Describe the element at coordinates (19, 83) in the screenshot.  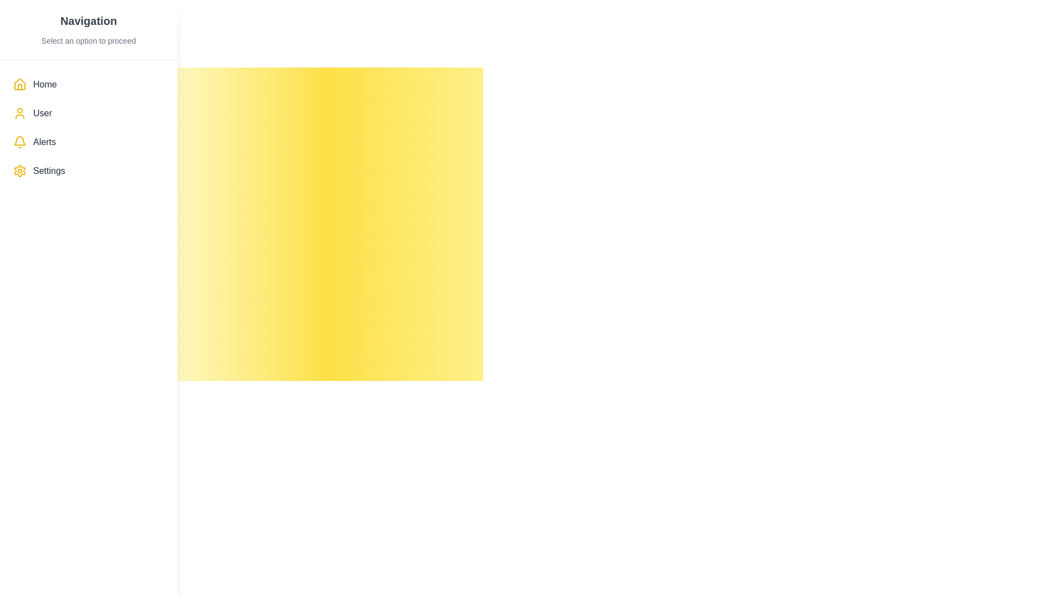
I see `the yellow house icon in the left-side navigation panel` at that location.